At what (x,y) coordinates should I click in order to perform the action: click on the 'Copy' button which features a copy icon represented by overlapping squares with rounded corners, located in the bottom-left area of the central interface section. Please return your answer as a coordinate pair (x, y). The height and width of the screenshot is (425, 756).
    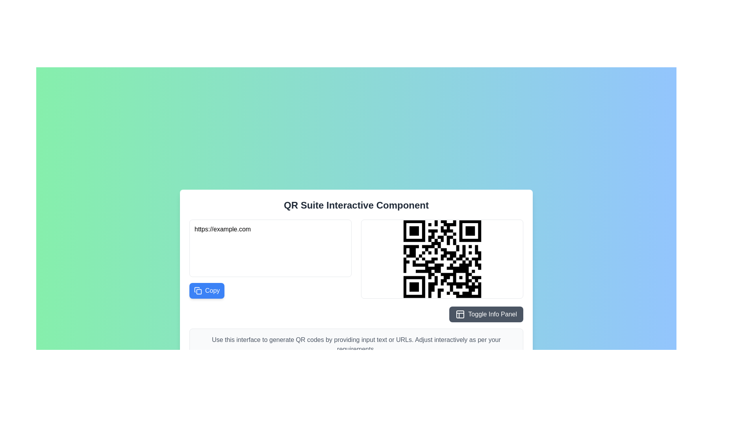
    Looking at the image, I should click on (198, 290).